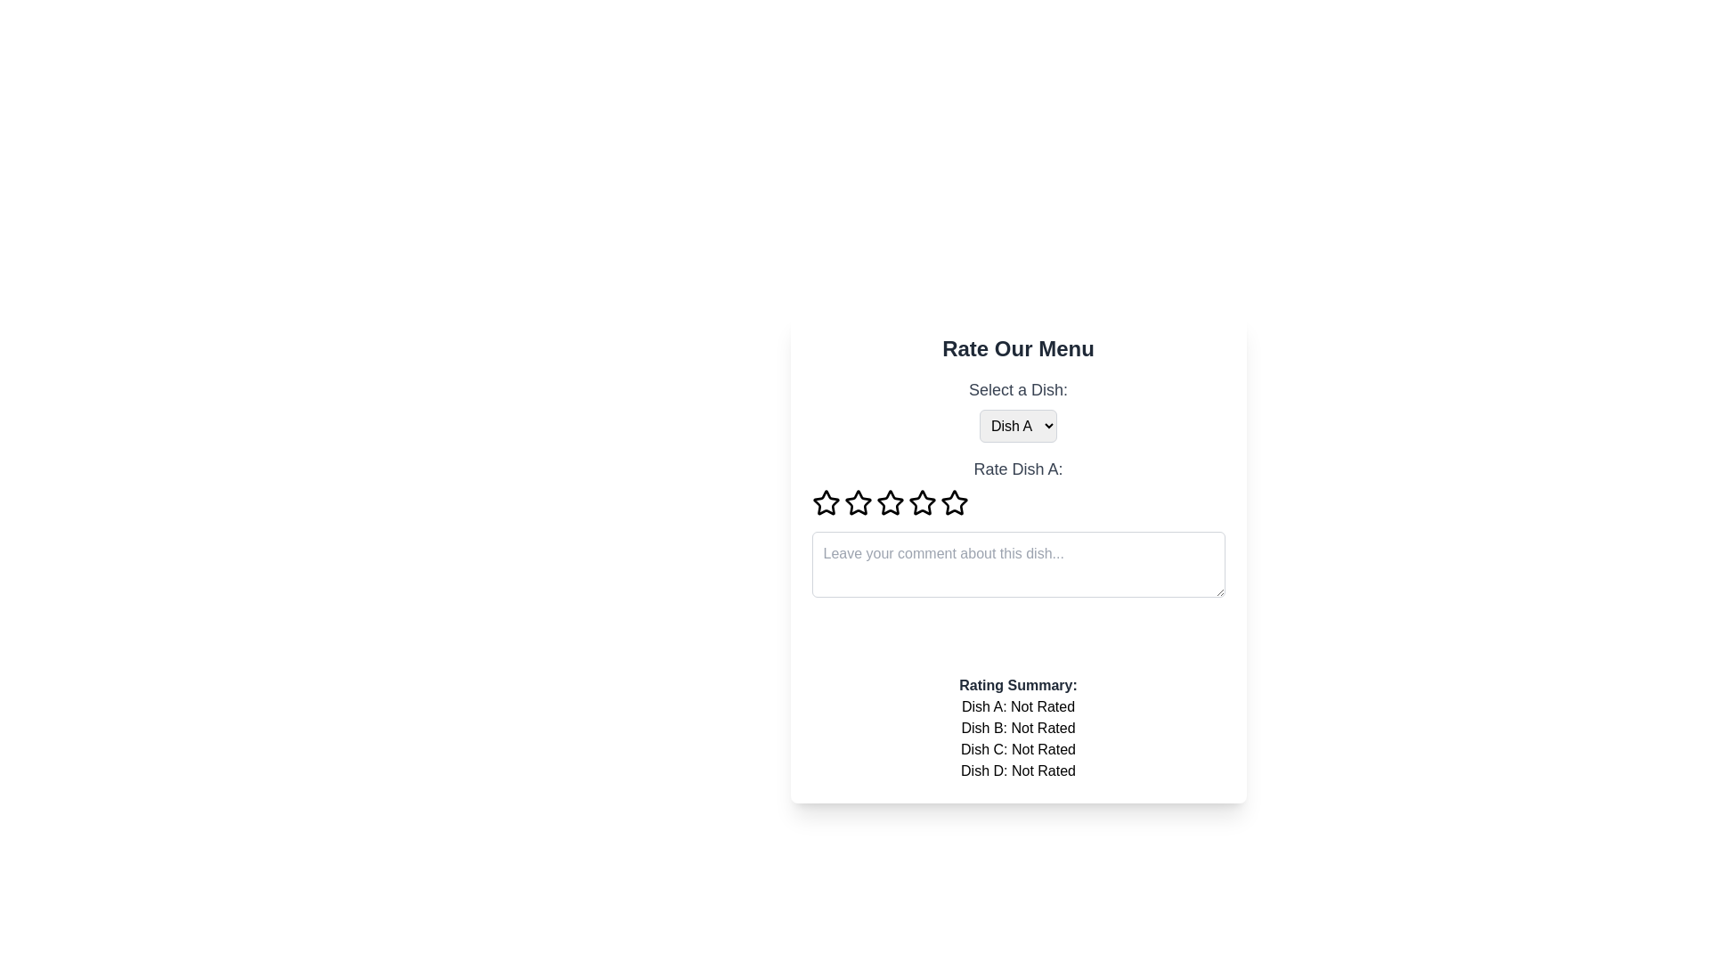 The image size is (1710, 962). I want to click on the second star in the star rating indicator, so click(858, 502).